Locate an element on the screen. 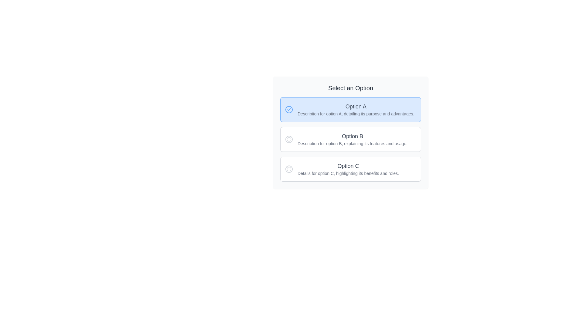 The image size is (583, 328). the circular radio button next to the Option B label is located at coordinates (288, 139).